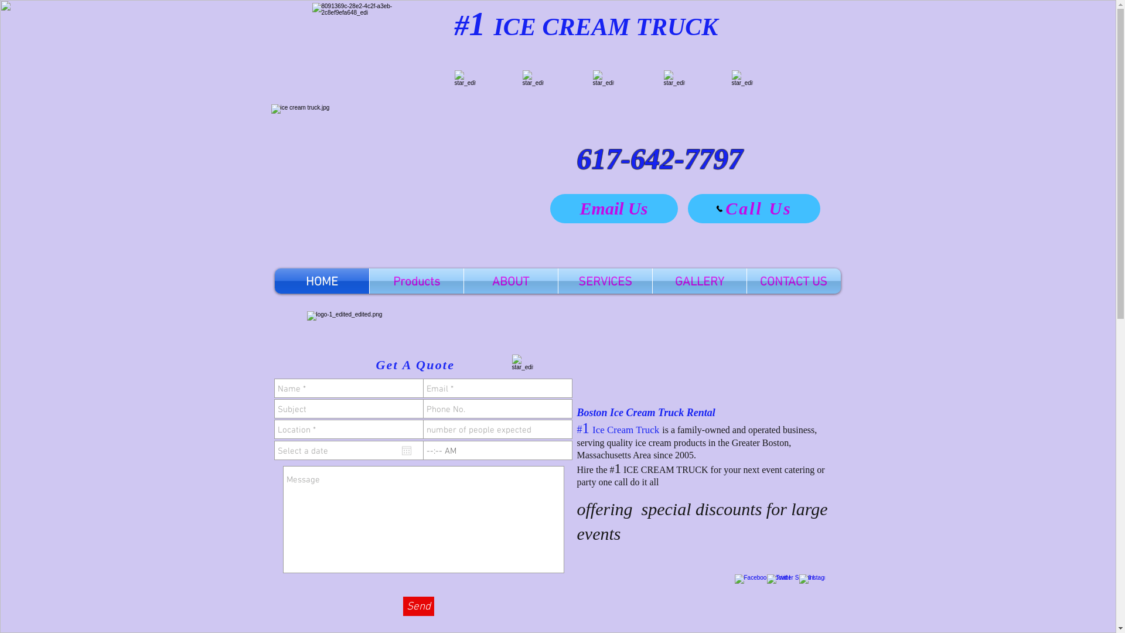 The height and width of the screenshot is (633, 1125). Describe the element at coordinates (674, 80) in the screenshot. I see `'IMG_2077%20-%20Copy%20-%20Copy_edited.pn'` at that location.